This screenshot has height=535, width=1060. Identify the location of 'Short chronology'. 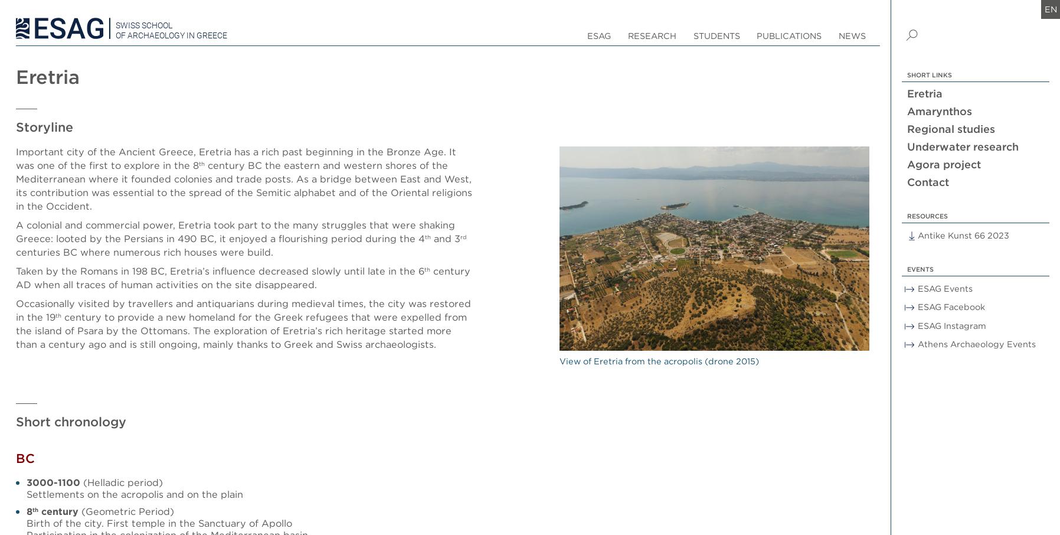
(70, 422).